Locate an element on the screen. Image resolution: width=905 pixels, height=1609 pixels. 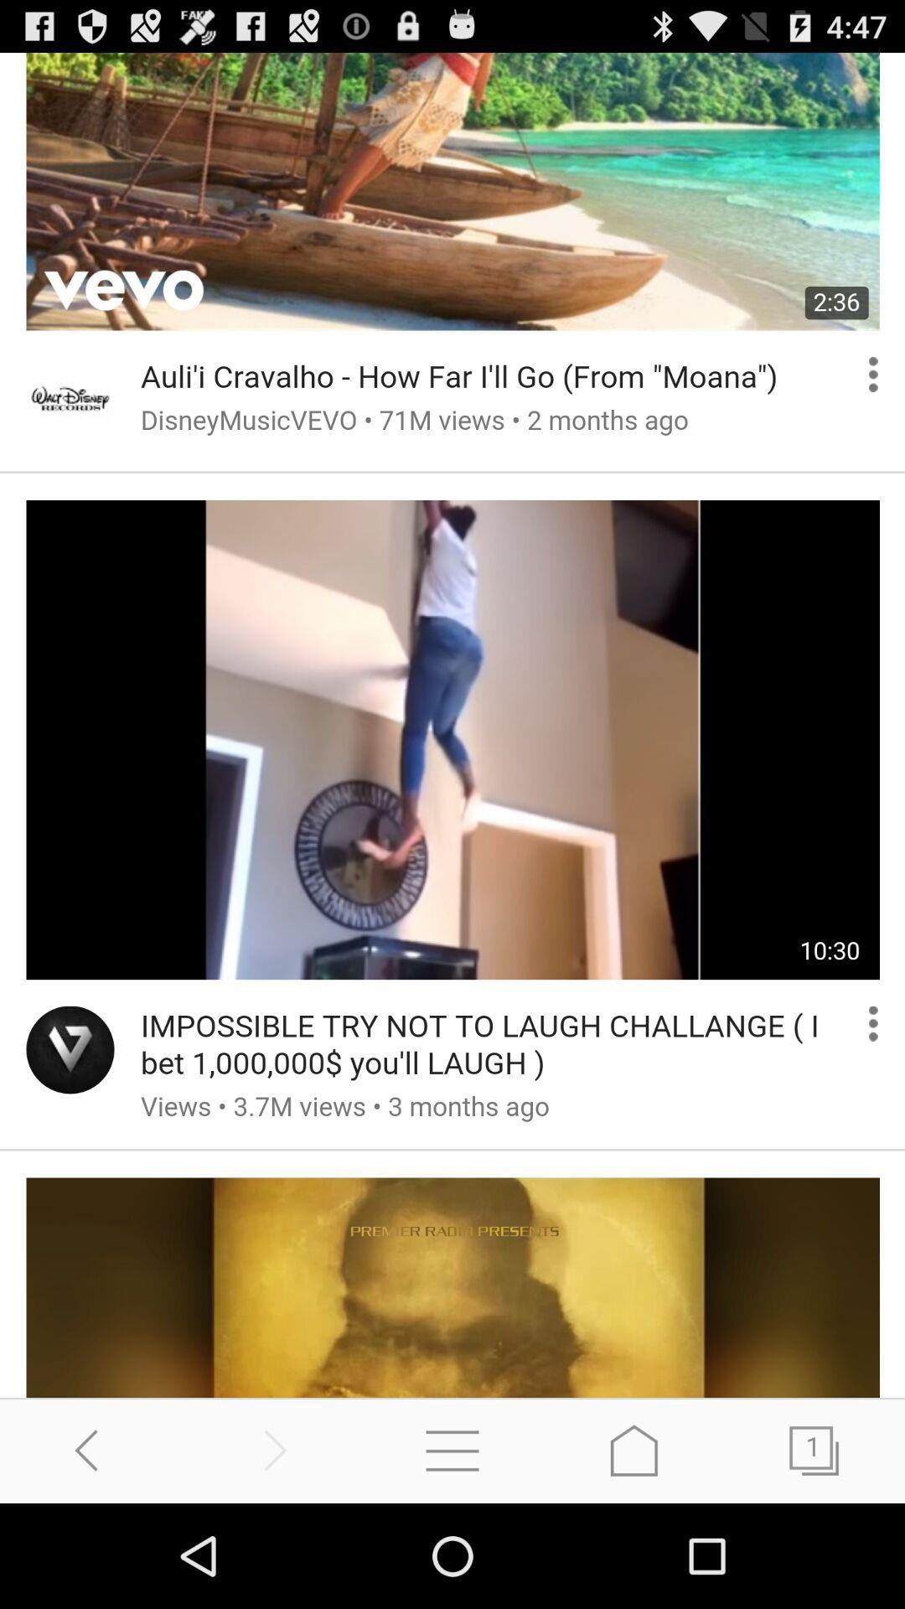
access pages is located at coordinates (814, 1450).